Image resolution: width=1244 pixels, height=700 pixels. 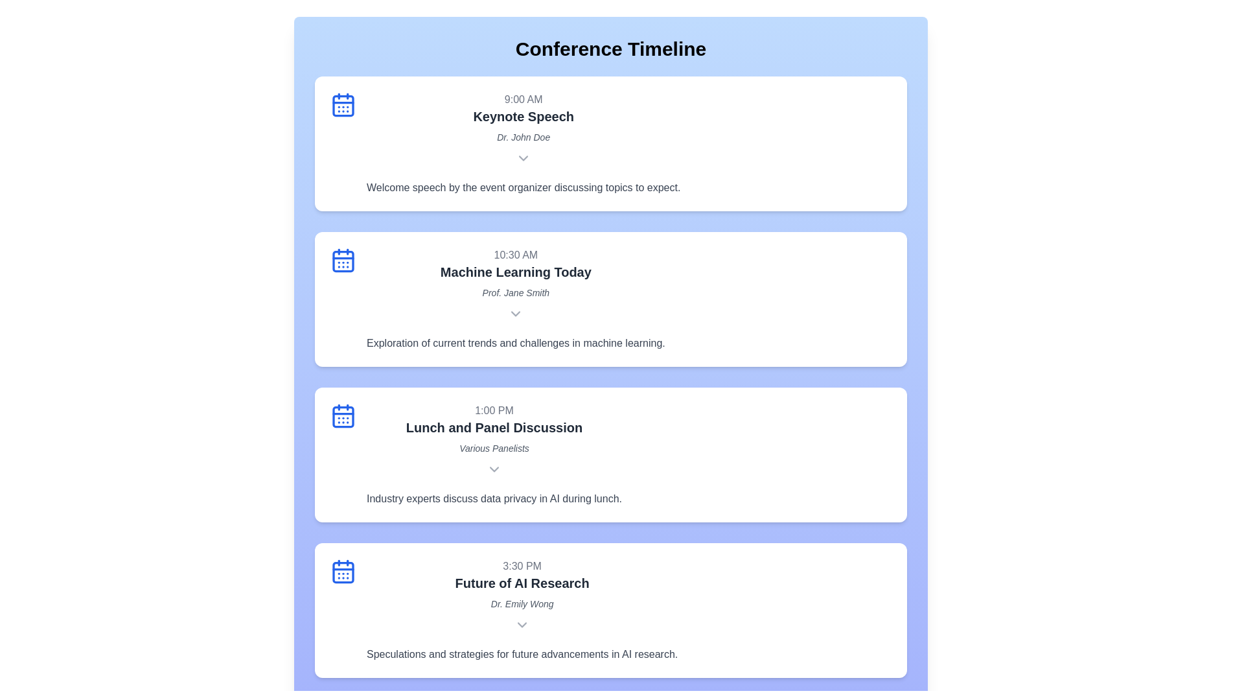 What do you see at coordinates (515, 299) in the screenshot?
I see `the second card in the conference timeline that represents the event titled 'Machine Learning Today'` at bounding box center [515, 299].